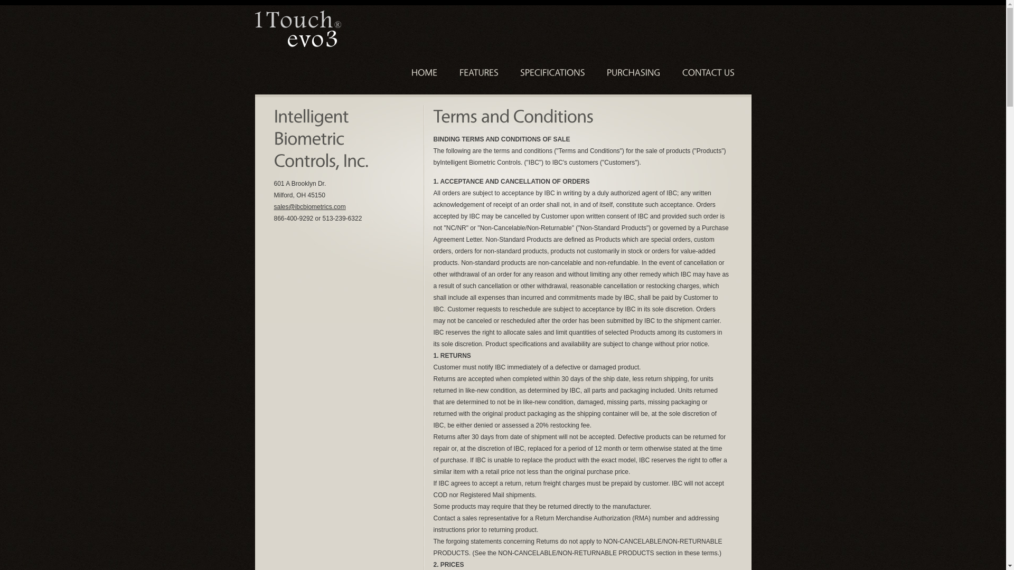 Image resolution: width=1014 pixels, height=570 pixels. Describe the element at coordinates (308, 207) in the screenshot. I see `'sales@ibcbiometrics.com'` at that location.